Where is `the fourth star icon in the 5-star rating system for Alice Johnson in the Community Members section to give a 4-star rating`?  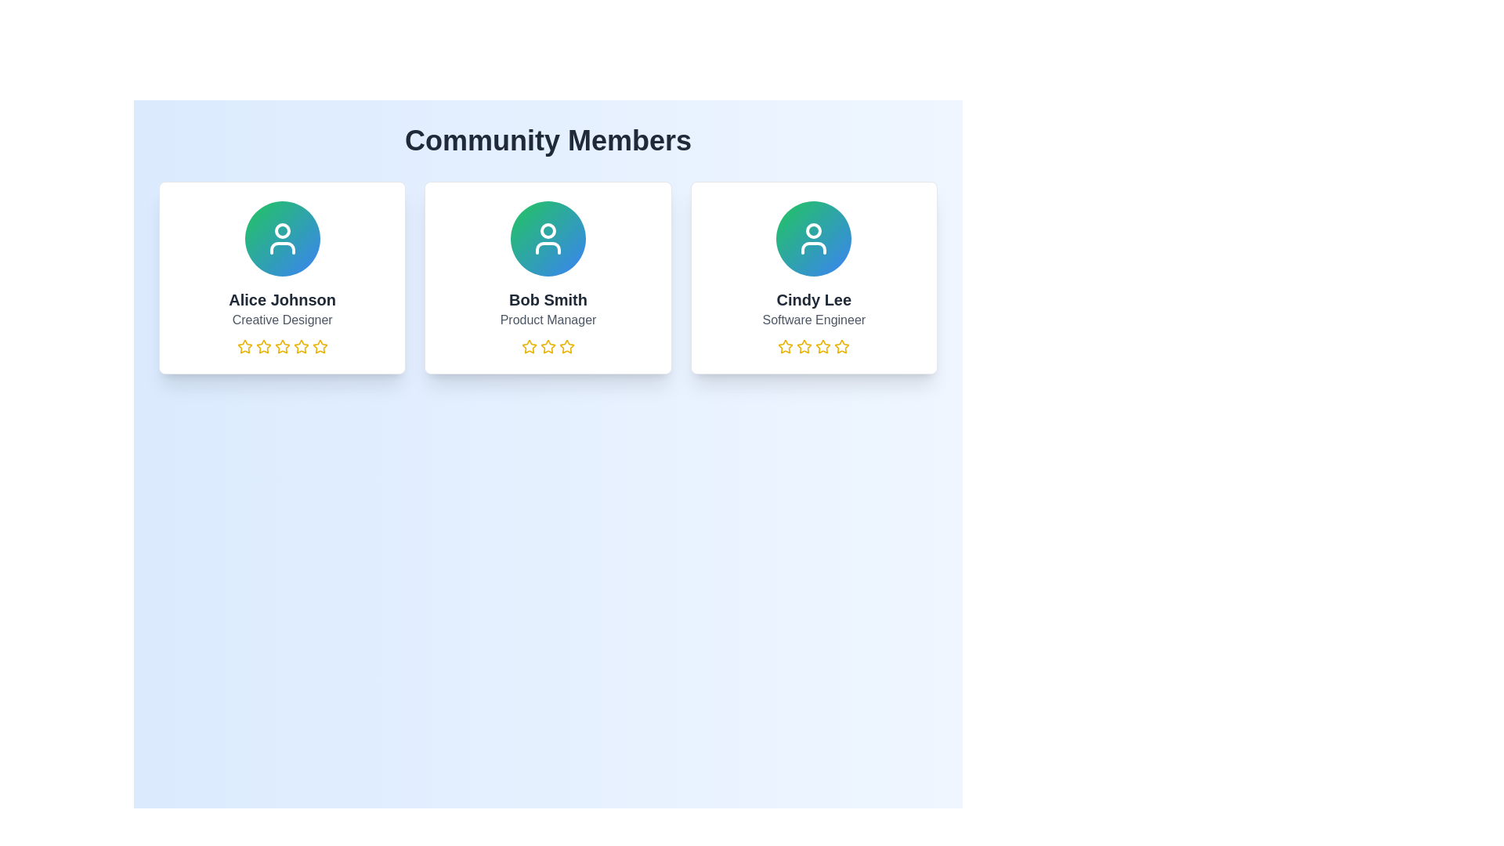 the fourth star icon in the 5-star rating system for Alice Johnson in the Community Members section to give a 4-star rating is located at coordinates (282, 346).